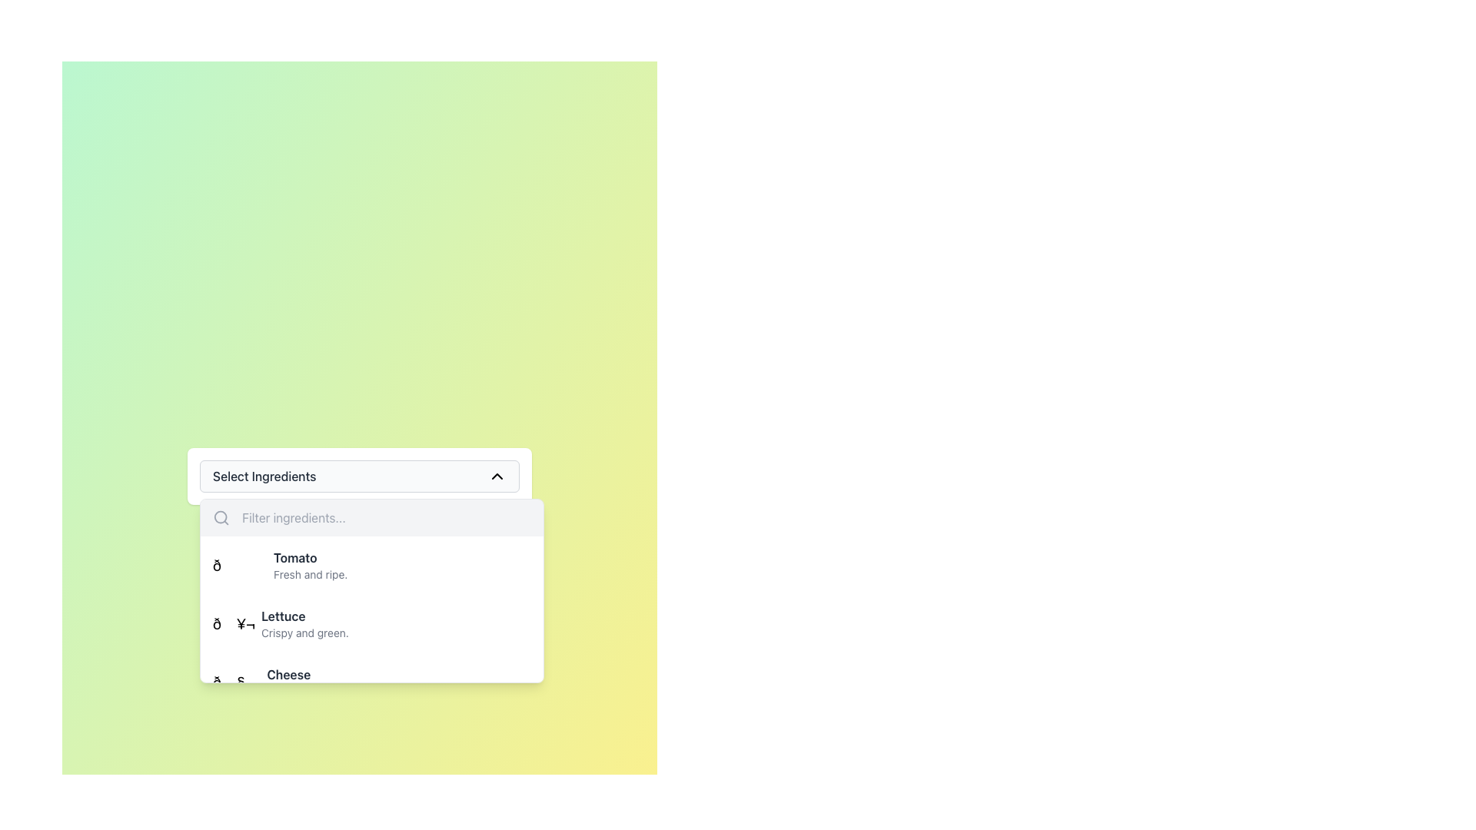 The image size is (1476, 830). Describe the element at coordinates (317, 681) in the screenshot. I see `the dropdown menu item labeled 'Cheese'` at that location.